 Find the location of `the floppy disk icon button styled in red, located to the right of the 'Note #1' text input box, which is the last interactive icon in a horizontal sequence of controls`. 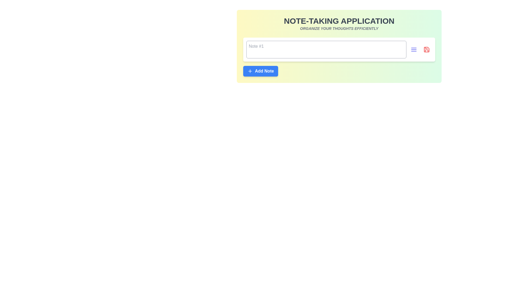

the floppy disk icon button styled in red, located to the right of the 'Note #1' text input box, which is the last interactive icon in a horizontal sequence of controls is located at coordinates (426, 49).